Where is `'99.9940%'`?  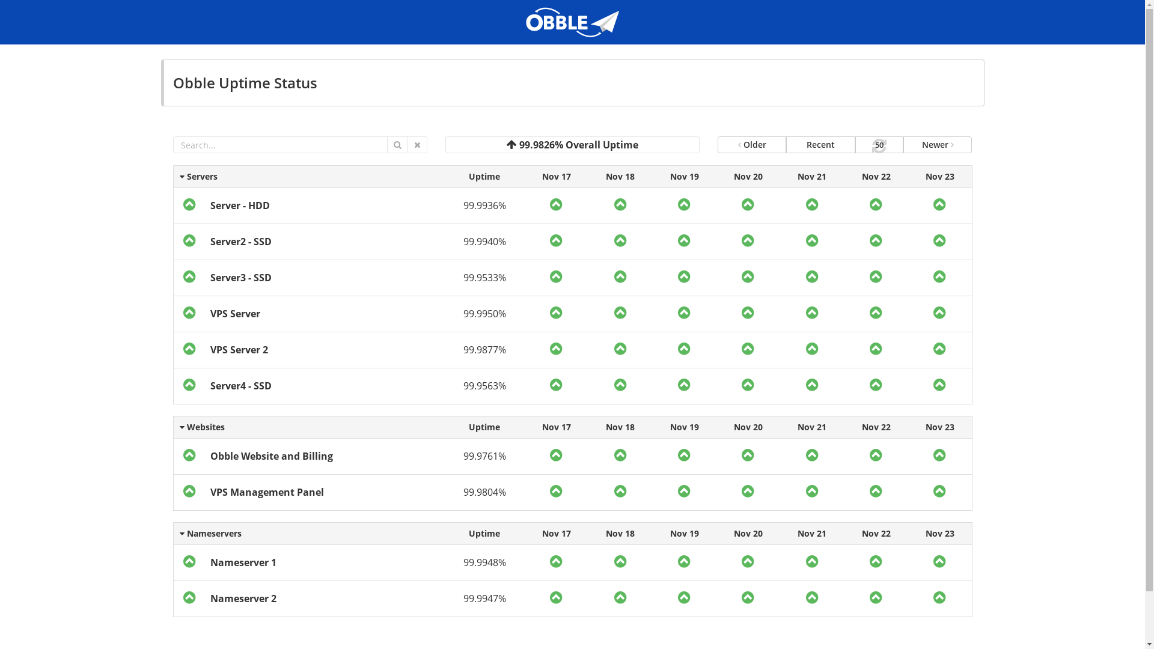 '99.9940%' is located at coordinates (484, 241).